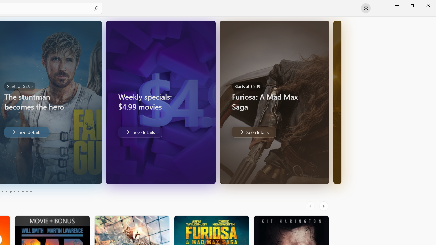  Describe the element at coordinates (22, 192) in the screenshot. I see `'Page 8'` at that location.